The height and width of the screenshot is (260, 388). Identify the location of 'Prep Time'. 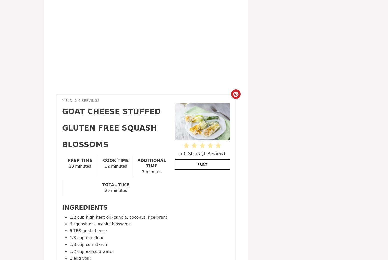
(79, 160).